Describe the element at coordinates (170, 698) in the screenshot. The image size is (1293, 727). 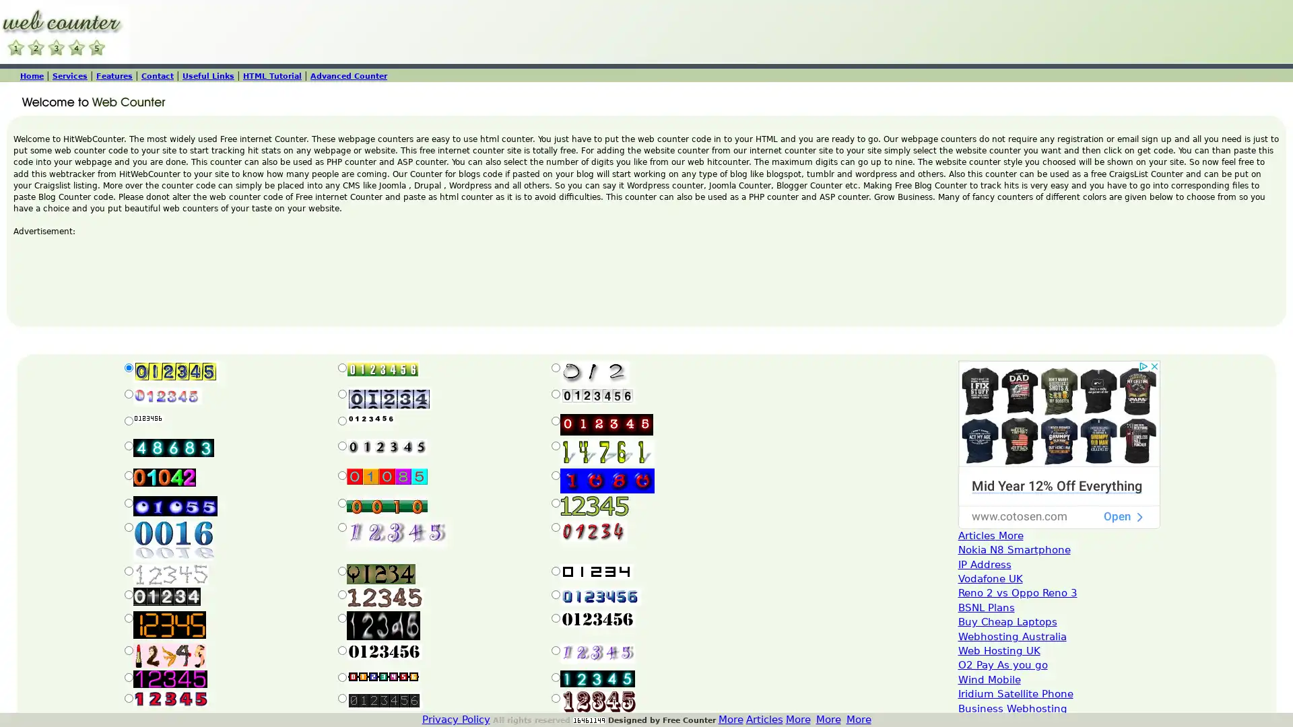
I see `Submit` at that location.